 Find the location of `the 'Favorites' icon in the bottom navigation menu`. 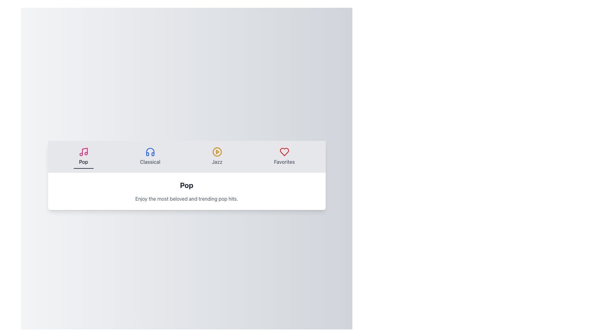

the 'Favorites' icon in the bottom navigation menu is located at coordinates (284, 152).